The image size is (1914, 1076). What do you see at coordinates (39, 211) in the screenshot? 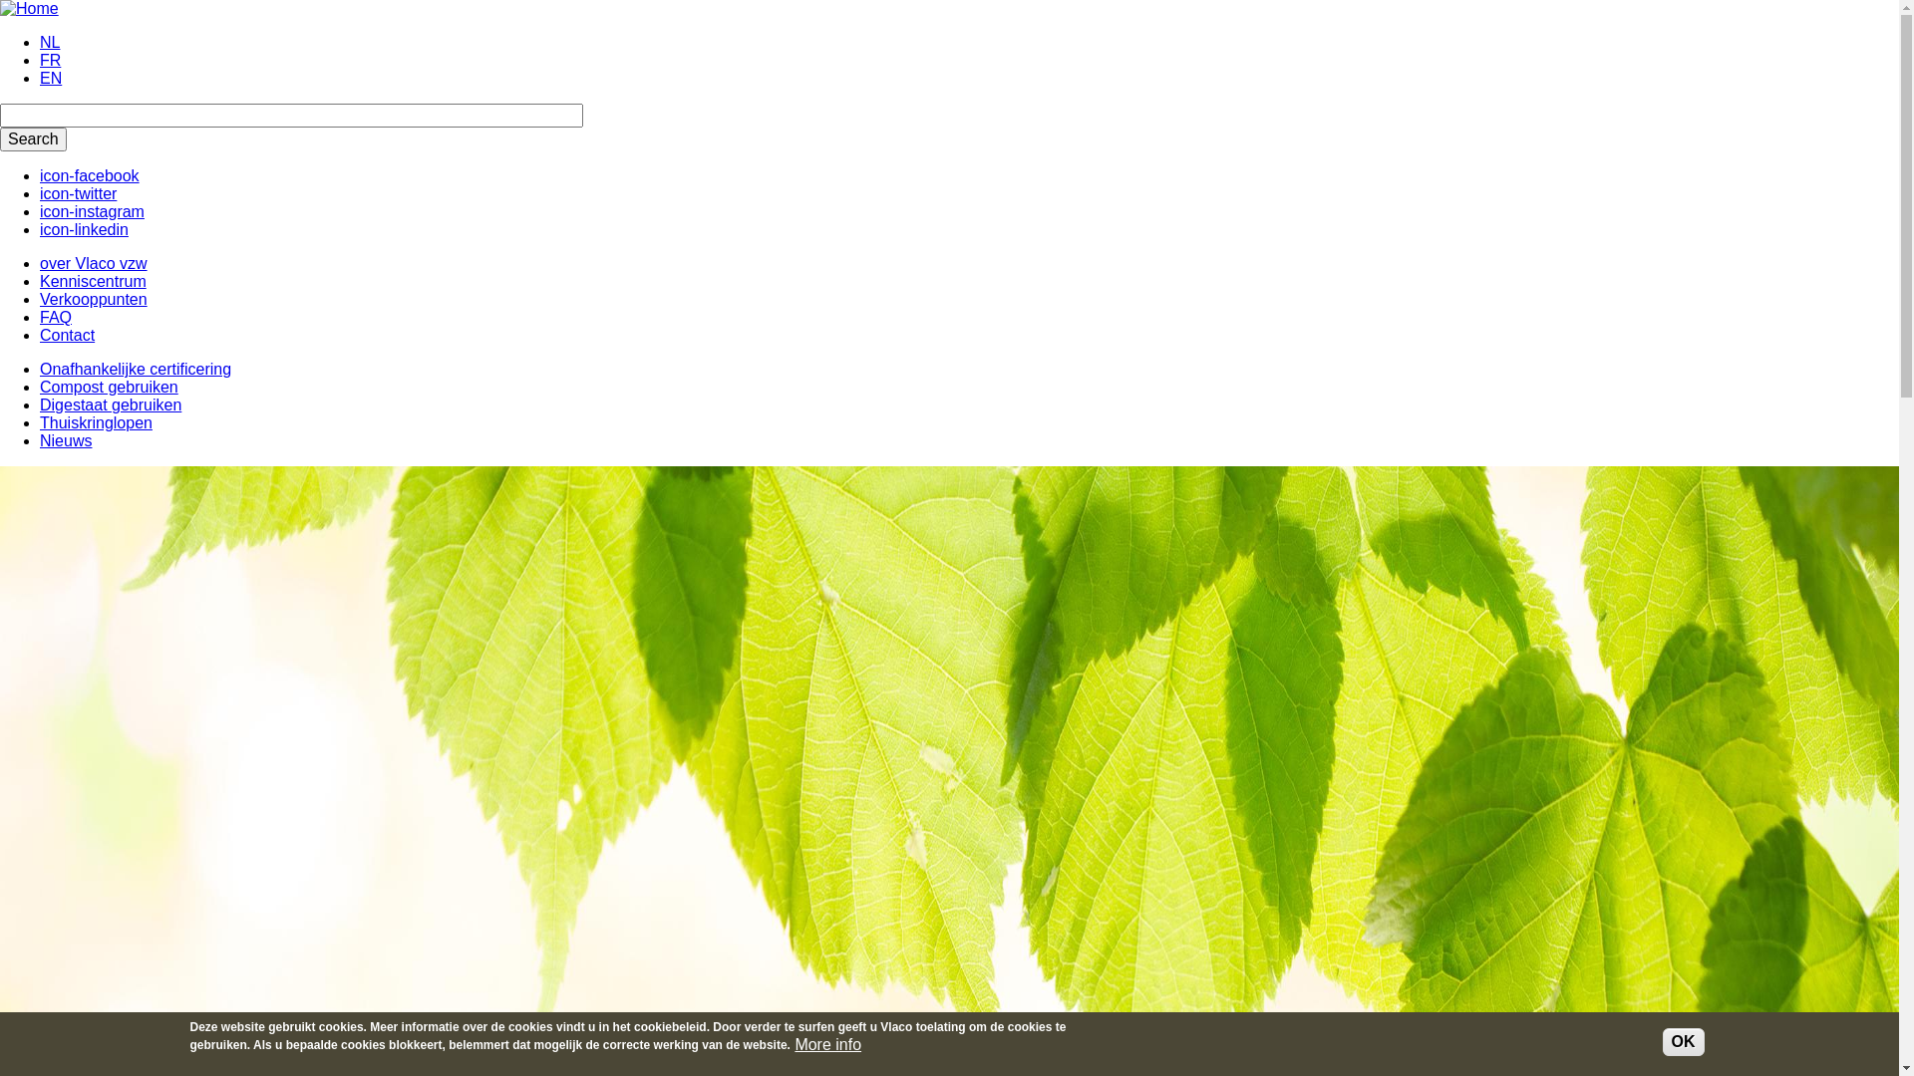
I see `'icon-instagram'` at bounding box center [39, 211].